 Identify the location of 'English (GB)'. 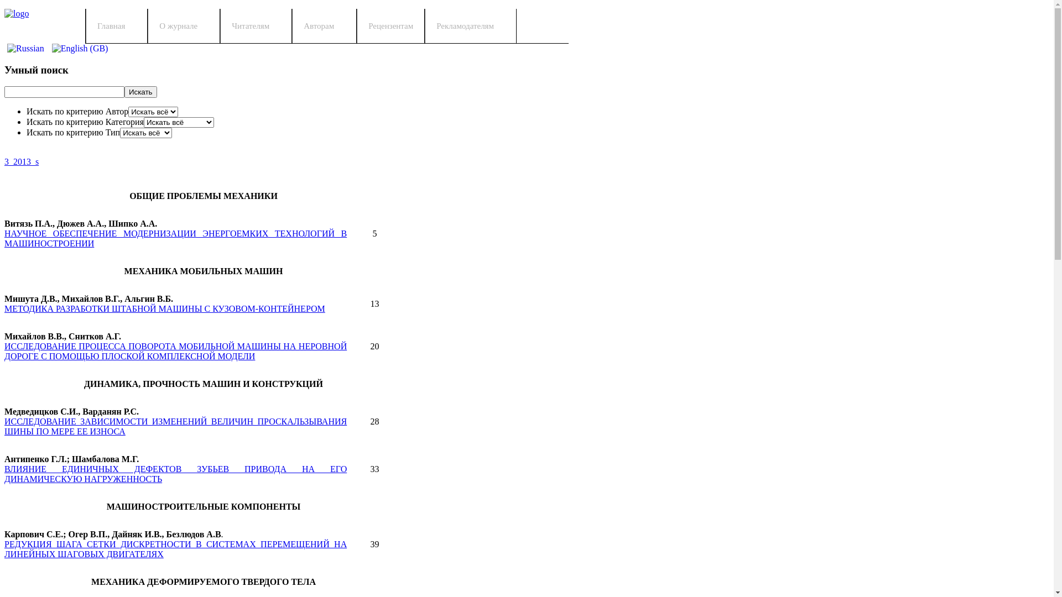
(79, 48).